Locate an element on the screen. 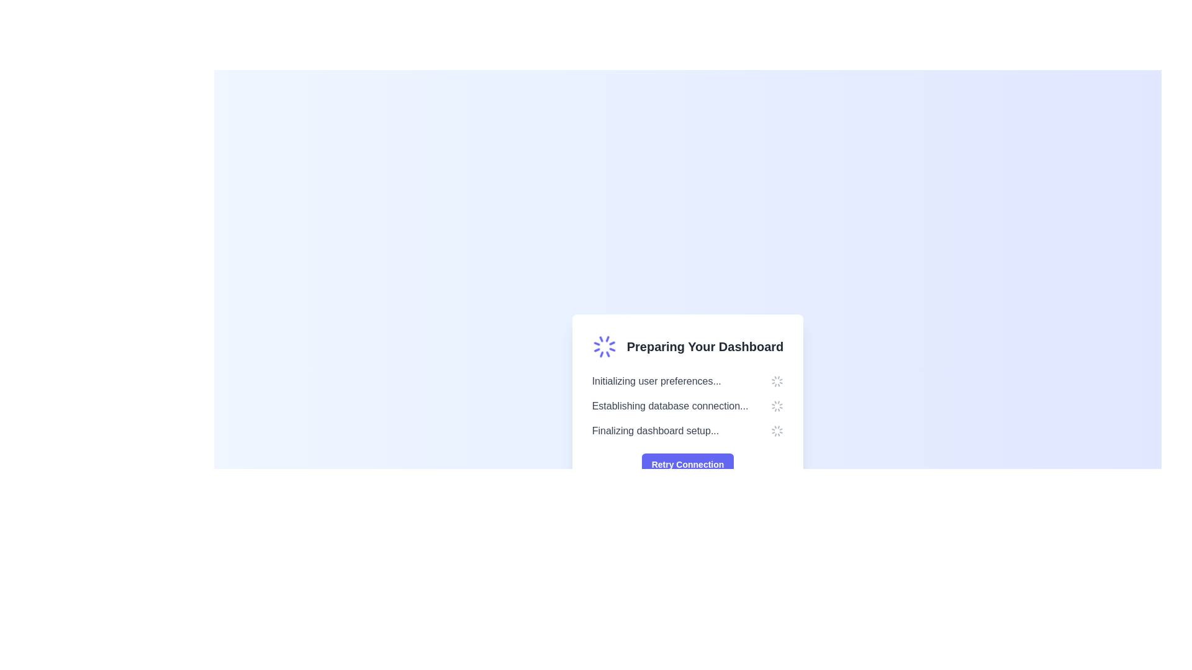 The height and width of the screenshot is (670, 1192). the circular loading spinner icon that indicates a loading state, positioned to the far right of the text 'Finalizing dashboard setup...' is located at coordinates (777, 430).